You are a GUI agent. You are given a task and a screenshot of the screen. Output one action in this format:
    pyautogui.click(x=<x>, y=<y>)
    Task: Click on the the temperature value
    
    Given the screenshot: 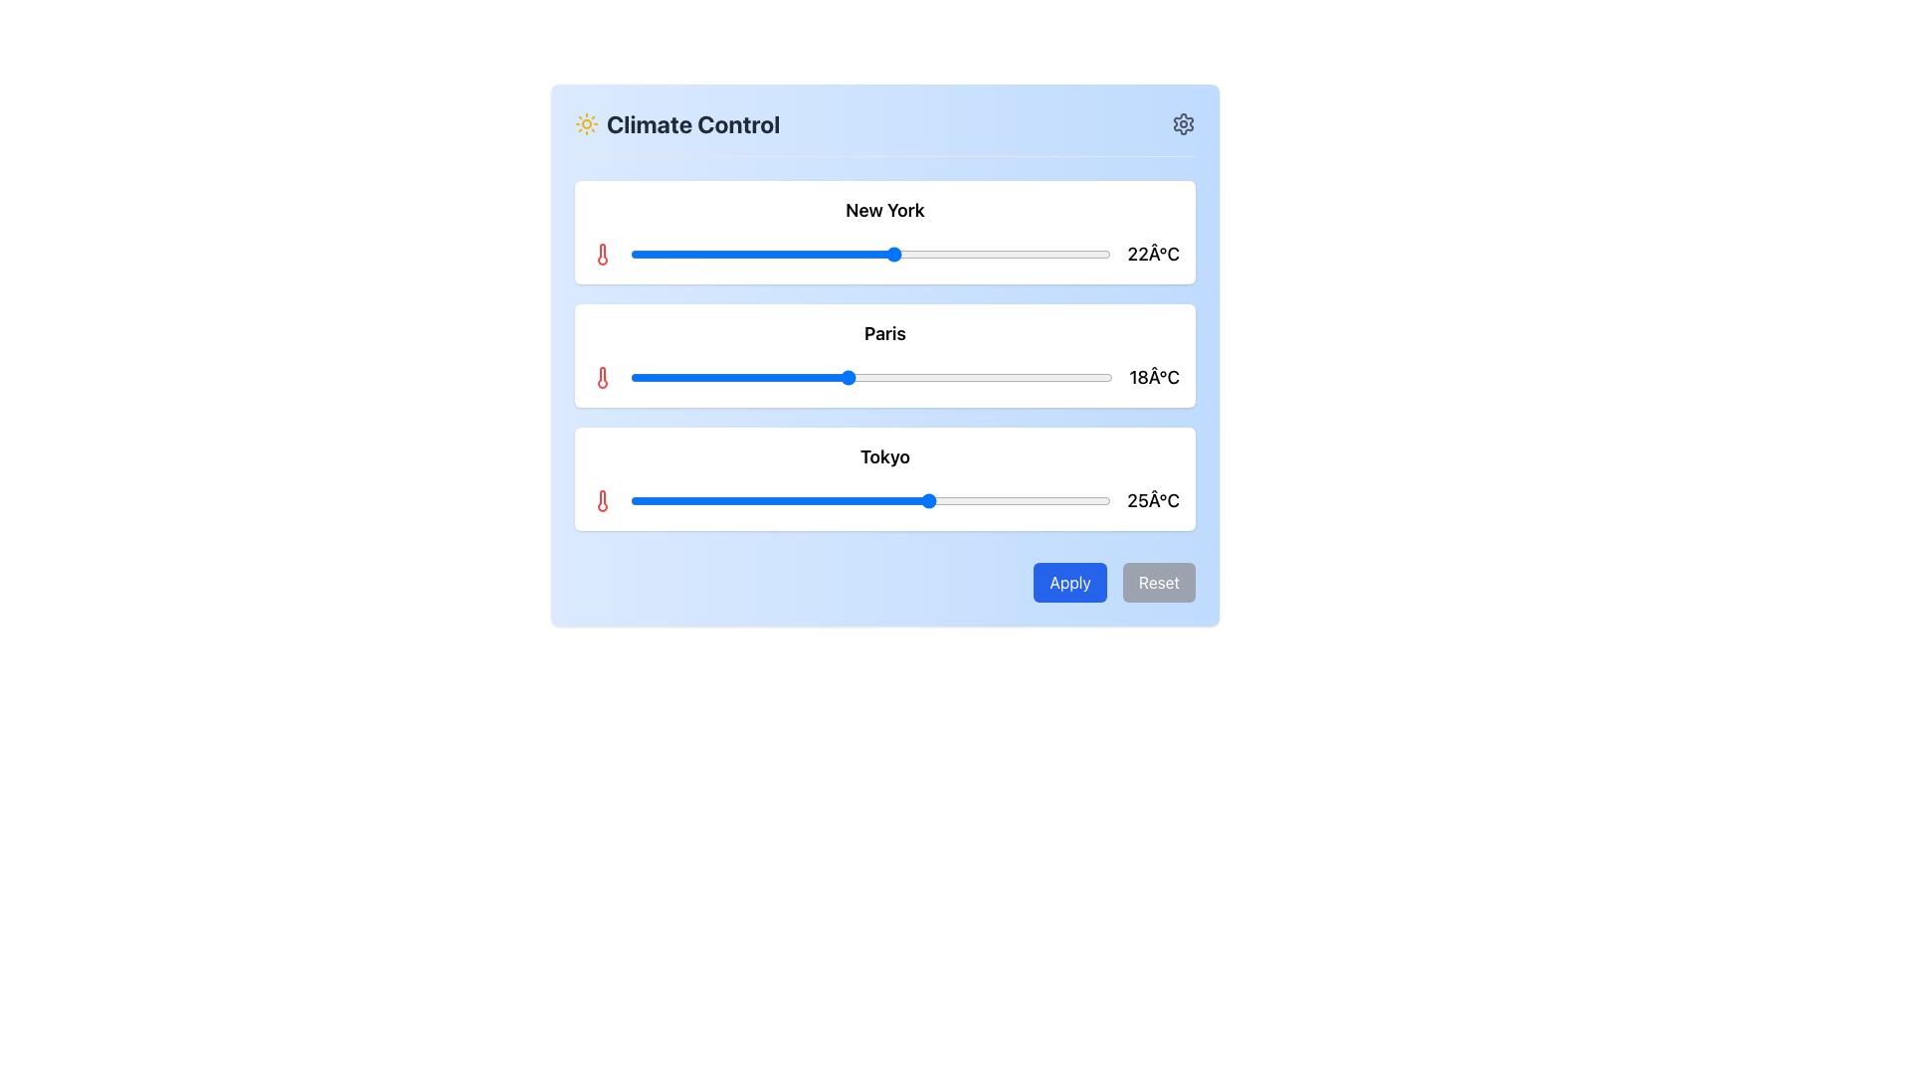 What is the action you would take?
    pyautogui.click(x=979, y=253)
    